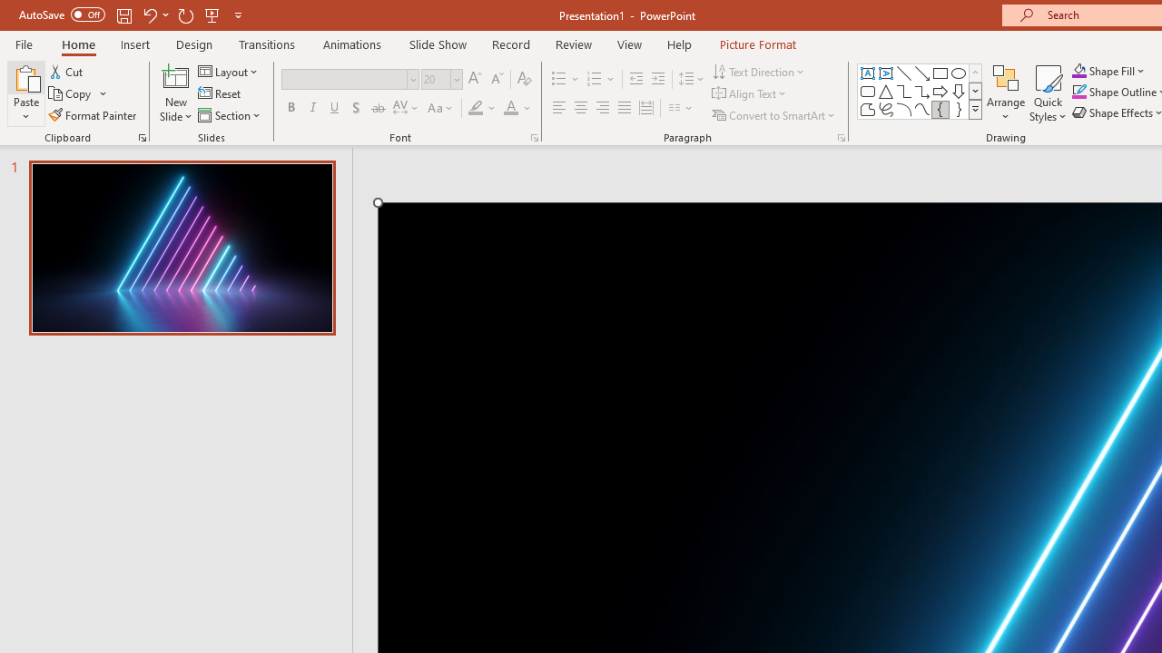 The image size is (1162, 653). What do you see at coordinates (1079, 70) in the screenshot?
I see `'Shape Fill Orange, Accent 2'` at bounding box center [1079, 70].